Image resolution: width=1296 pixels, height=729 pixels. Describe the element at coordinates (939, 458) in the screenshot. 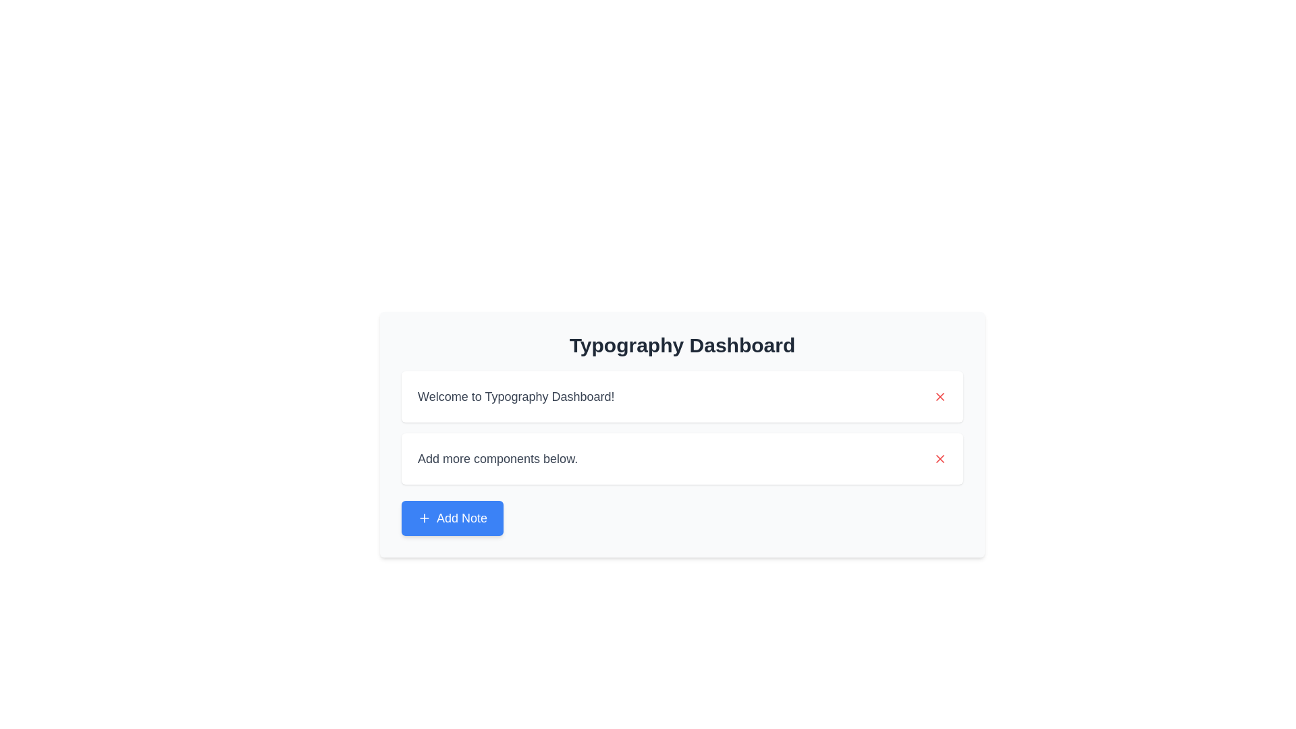

I see `the close button located at the top-right corner of the card that displays the text 'Add more components below'` at that location.